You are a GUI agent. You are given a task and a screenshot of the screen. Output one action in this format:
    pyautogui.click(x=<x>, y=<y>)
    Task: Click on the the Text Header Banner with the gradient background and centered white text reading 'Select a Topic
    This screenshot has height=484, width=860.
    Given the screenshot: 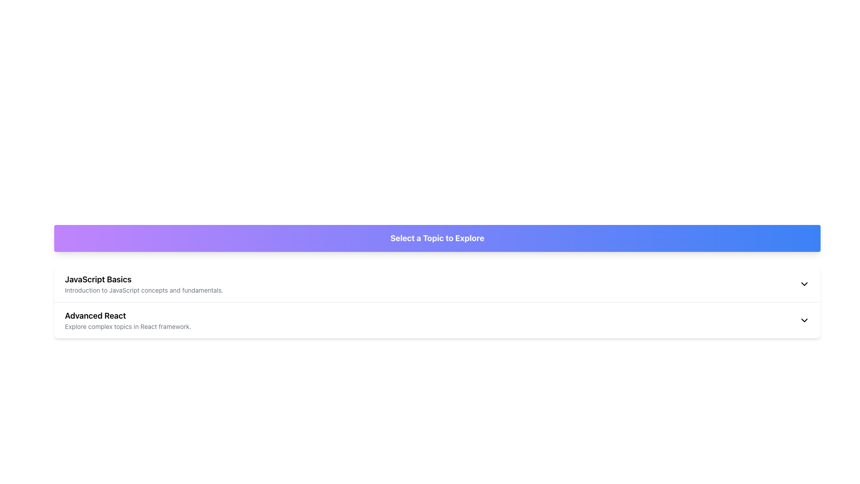 What is the action you would take?
    pyautogui.click(x=437, y=238)
    